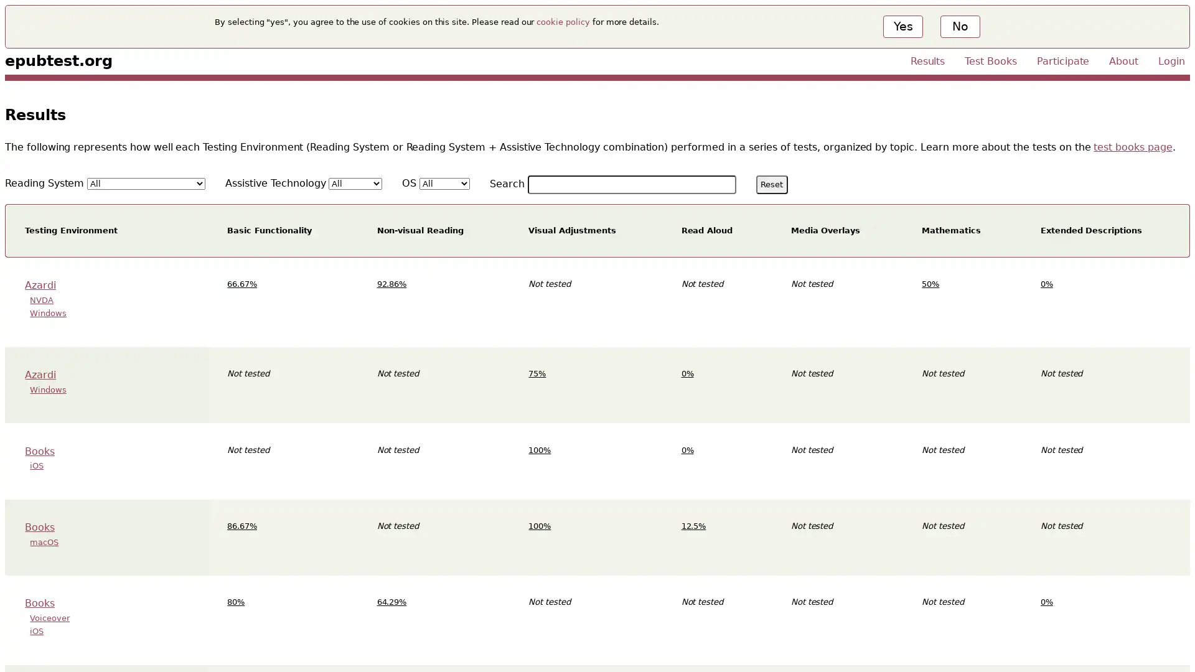 The image size is (1195, 672). Describe the element at coordinates (706, 230) in the screenshot. I see `Read Aloud` at that location.